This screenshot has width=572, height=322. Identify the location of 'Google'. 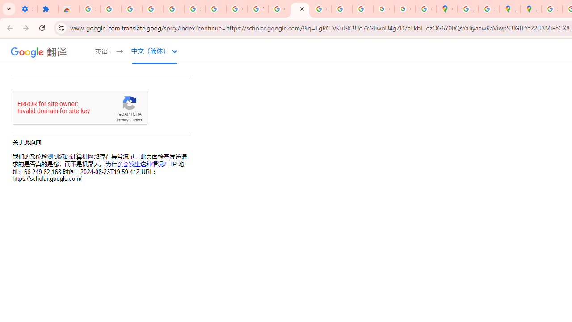
(27, 52).